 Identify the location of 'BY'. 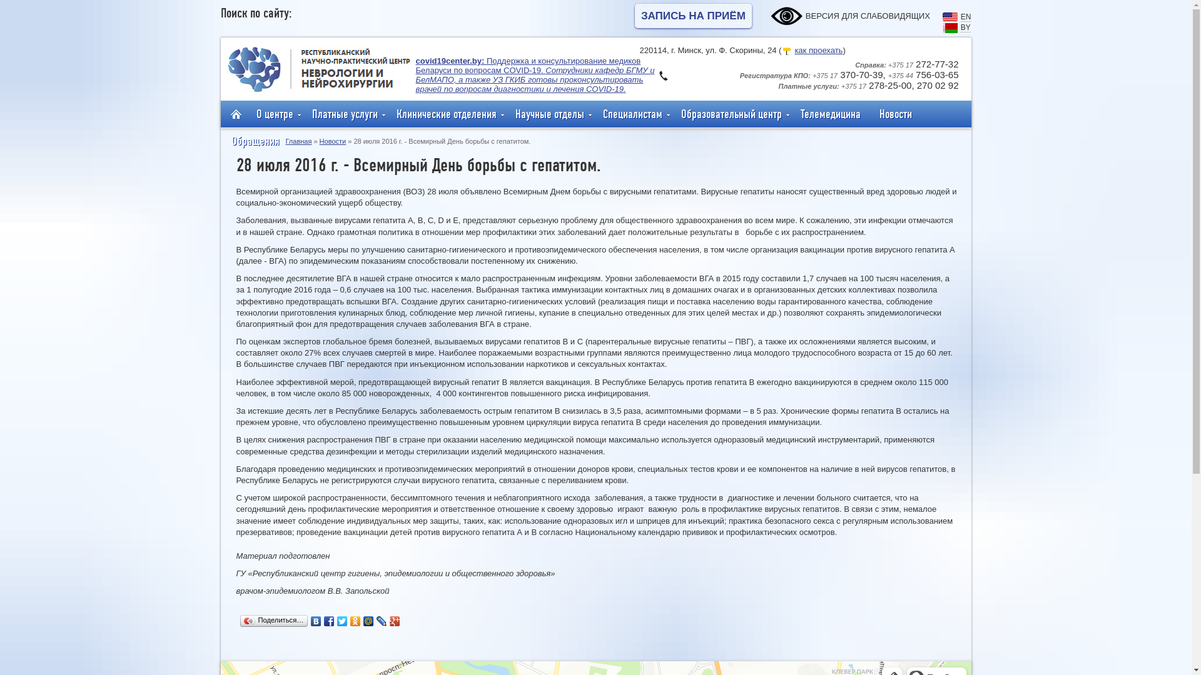
(965, 26).